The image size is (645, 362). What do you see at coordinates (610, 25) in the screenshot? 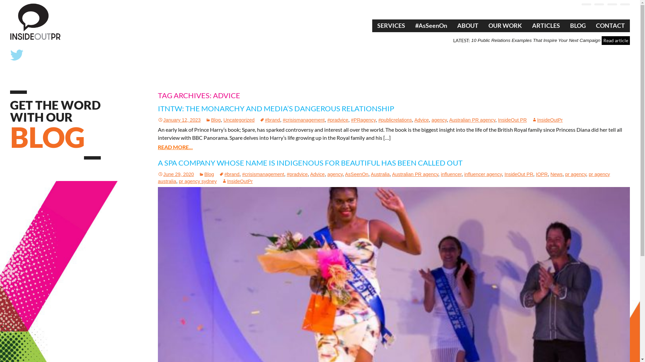
I see `'CONTACT'` at bounding box center [610, 25].